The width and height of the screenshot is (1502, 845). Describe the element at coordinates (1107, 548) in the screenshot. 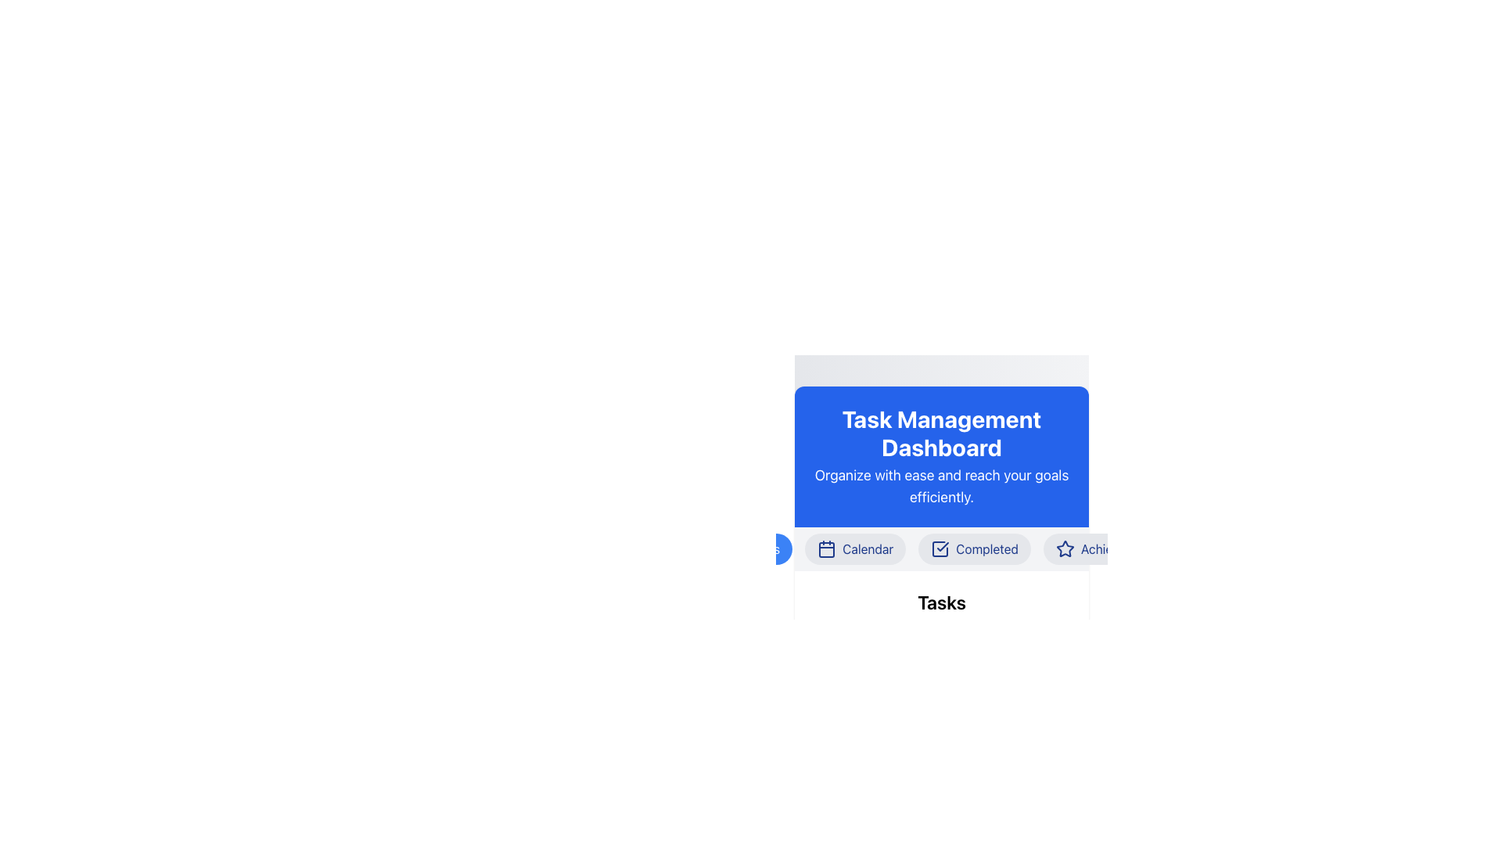

I see `the last button in the horizontal navigation bar at the bottom of the task management dashboard` at that location.